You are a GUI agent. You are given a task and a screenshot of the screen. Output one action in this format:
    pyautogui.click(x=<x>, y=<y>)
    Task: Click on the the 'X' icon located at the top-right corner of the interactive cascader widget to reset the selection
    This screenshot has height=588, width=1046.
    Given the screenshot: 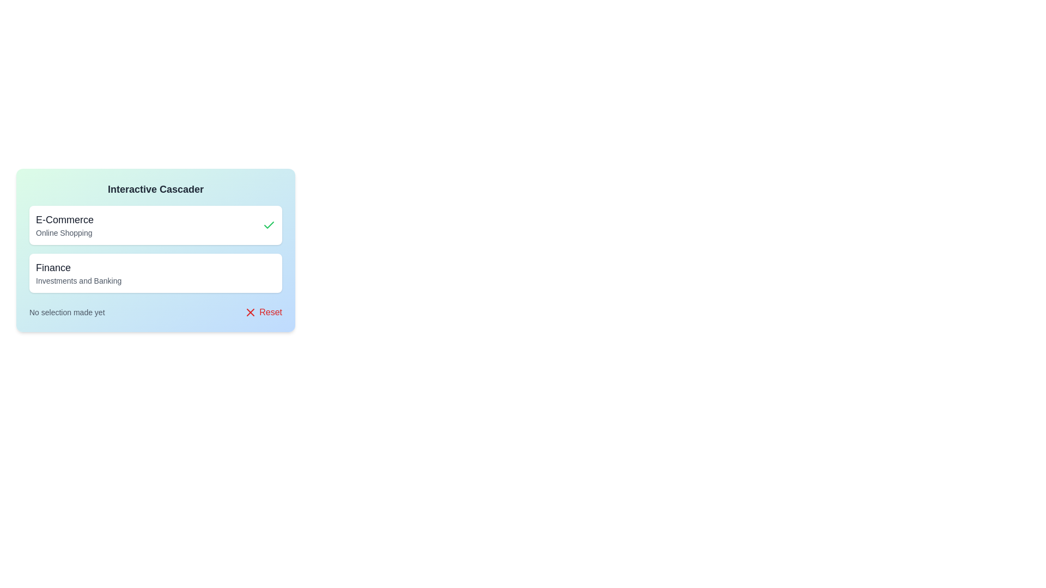 What is the action you would take?
    pyautogui.click(x=250, y=313)
    